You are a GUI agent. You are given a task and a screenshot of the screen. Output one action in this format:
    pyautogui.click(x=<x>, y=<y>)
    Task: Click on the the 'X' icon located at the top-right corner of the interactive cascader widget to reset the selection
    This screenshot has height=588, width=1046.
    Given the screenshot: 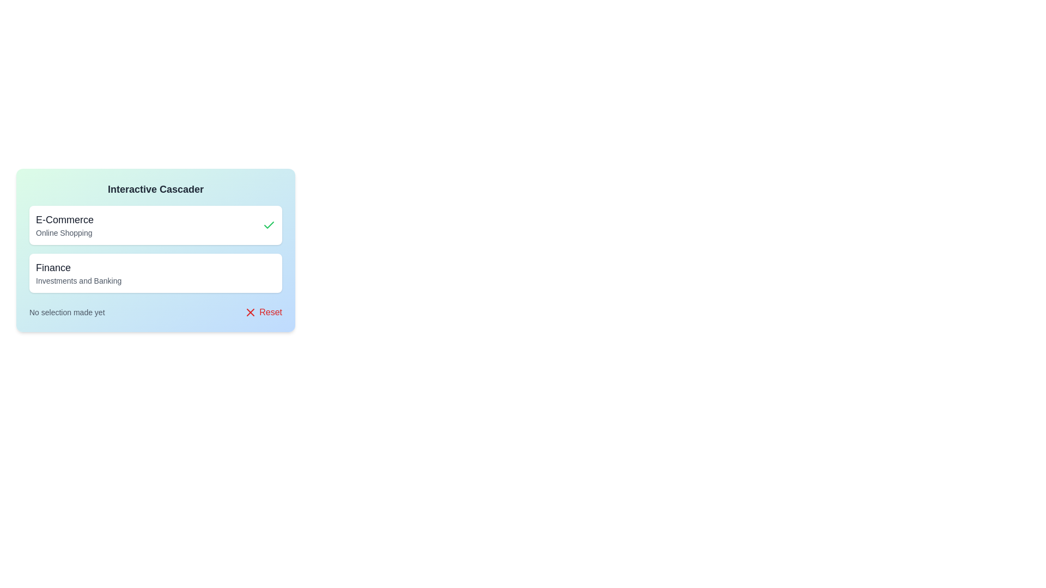 What is the action you would take?
    pyautogui.click(x=250, y=313)
    